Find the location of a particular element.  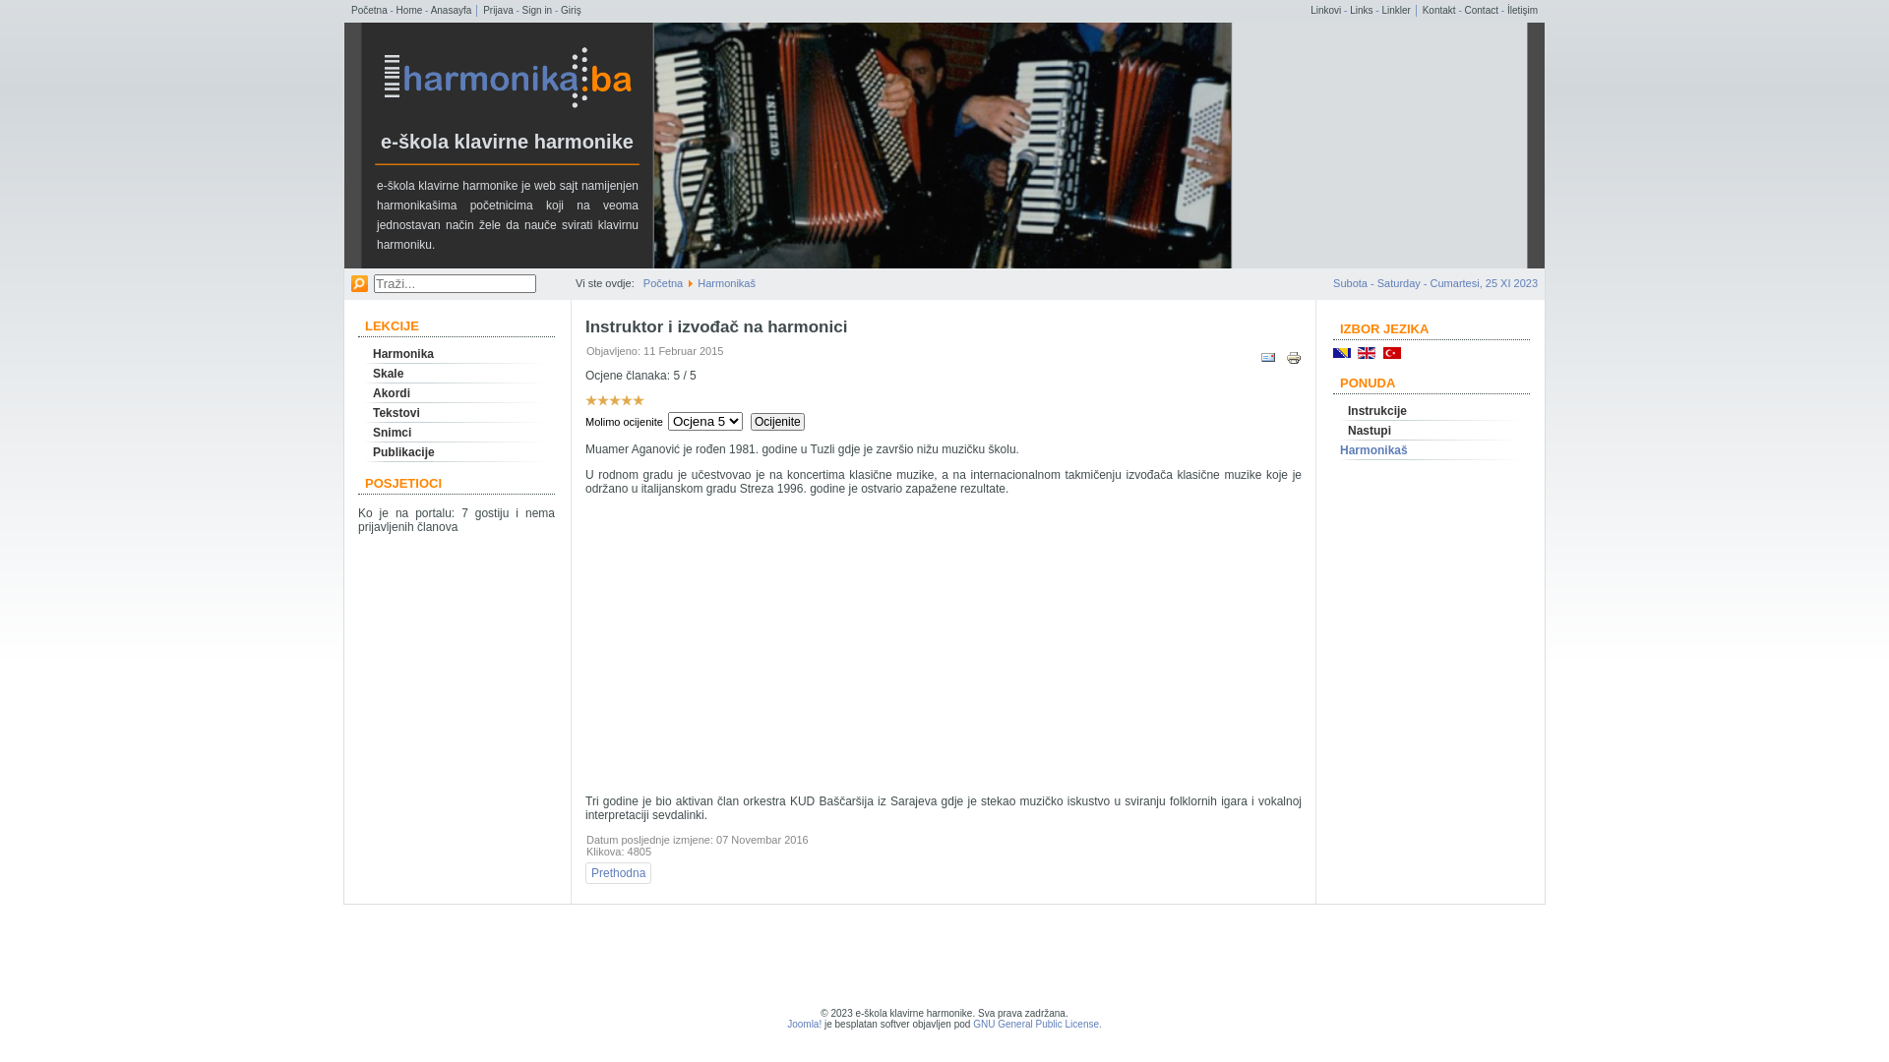

'Snimci' is located at coordinates (456, 431).